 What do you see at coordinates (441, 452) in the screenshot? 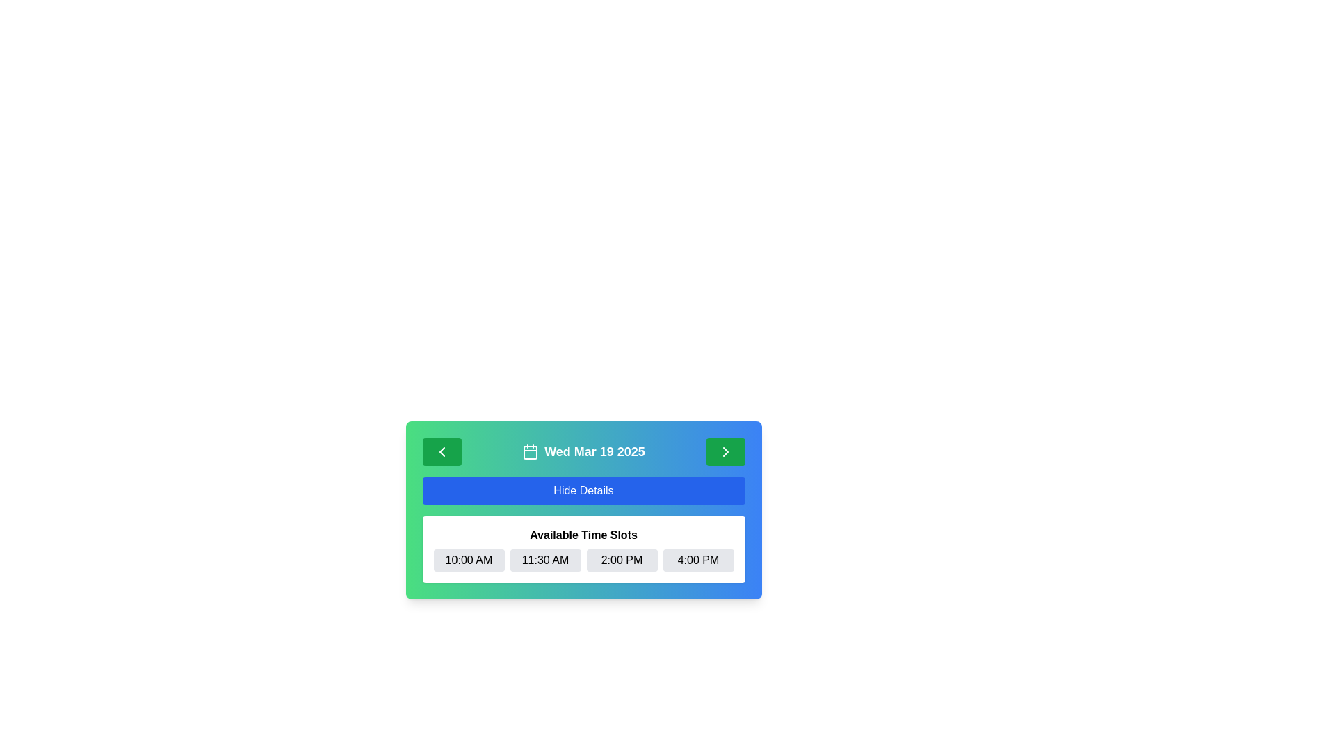
I see `the navigation button for cycling through dates located to the left of the displayed date 'Wed Mar 19 2025'` at bounding box center [441, 452].